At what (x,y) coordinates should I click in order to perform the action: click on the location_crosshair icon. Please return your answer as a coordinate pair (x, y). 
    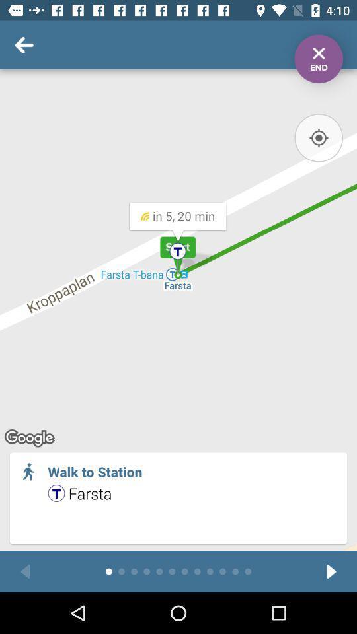
    Looking at the image, I should click on (318, 137).